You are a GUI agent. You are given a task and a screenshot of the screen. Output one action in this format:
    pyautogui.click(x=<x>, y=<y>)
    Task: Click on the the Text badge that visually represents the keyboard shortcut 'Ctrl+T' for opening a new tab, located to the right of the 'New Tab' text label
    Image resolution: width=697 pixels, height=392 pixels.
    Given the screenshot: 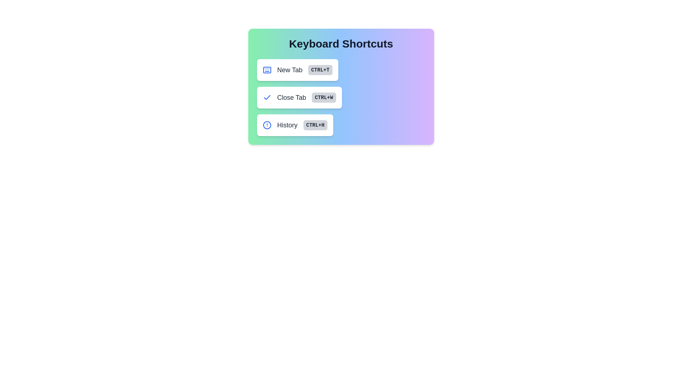 What is the action you would take?
    pyautogui.click(x=320, y=70)
    